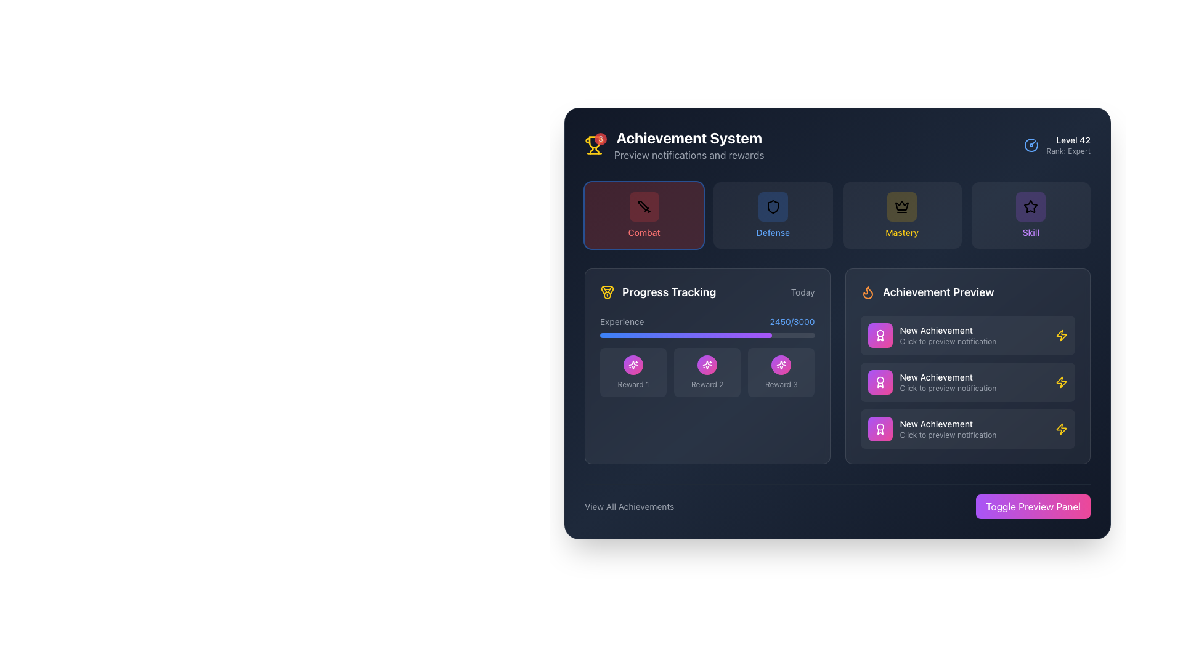 The height and width of the screenshot is (665, 1183). What do you see at coordinates (643, 206) in the screenshot?
I see `the 'Combat' category button, which is the first button in a horizontal group of four buttons located below the 'Achievement System' header` at bounding box center [643, 206].